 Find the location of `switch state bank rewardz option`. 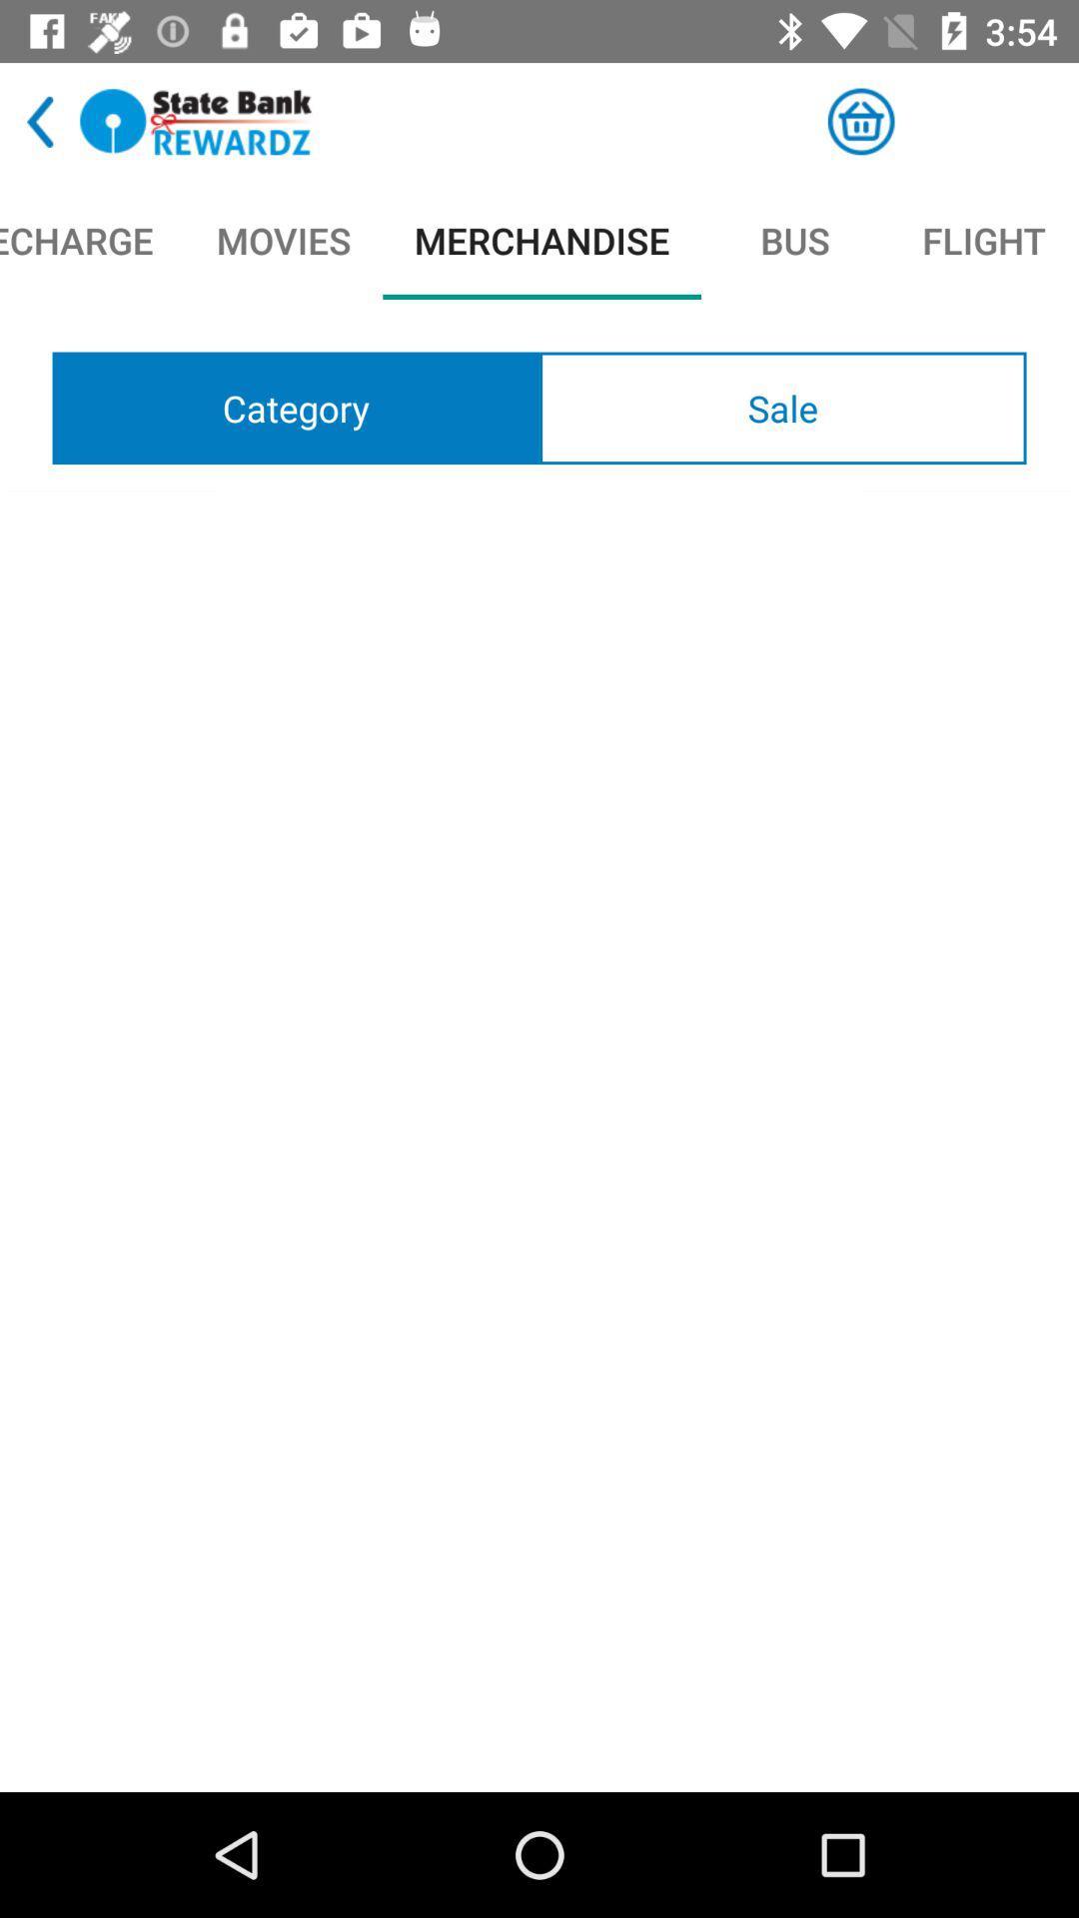

switch state bank rewardz option is located at coordinates (196, 121).